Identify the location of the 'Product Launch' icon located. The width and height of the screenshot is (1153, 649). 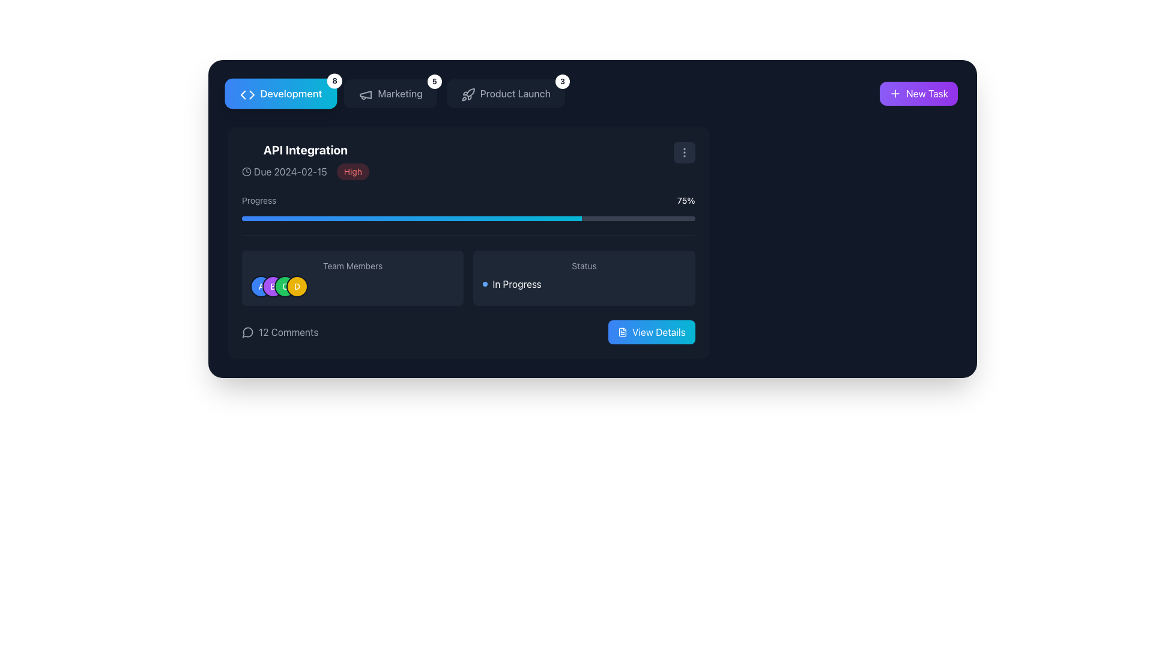
(466, 93).